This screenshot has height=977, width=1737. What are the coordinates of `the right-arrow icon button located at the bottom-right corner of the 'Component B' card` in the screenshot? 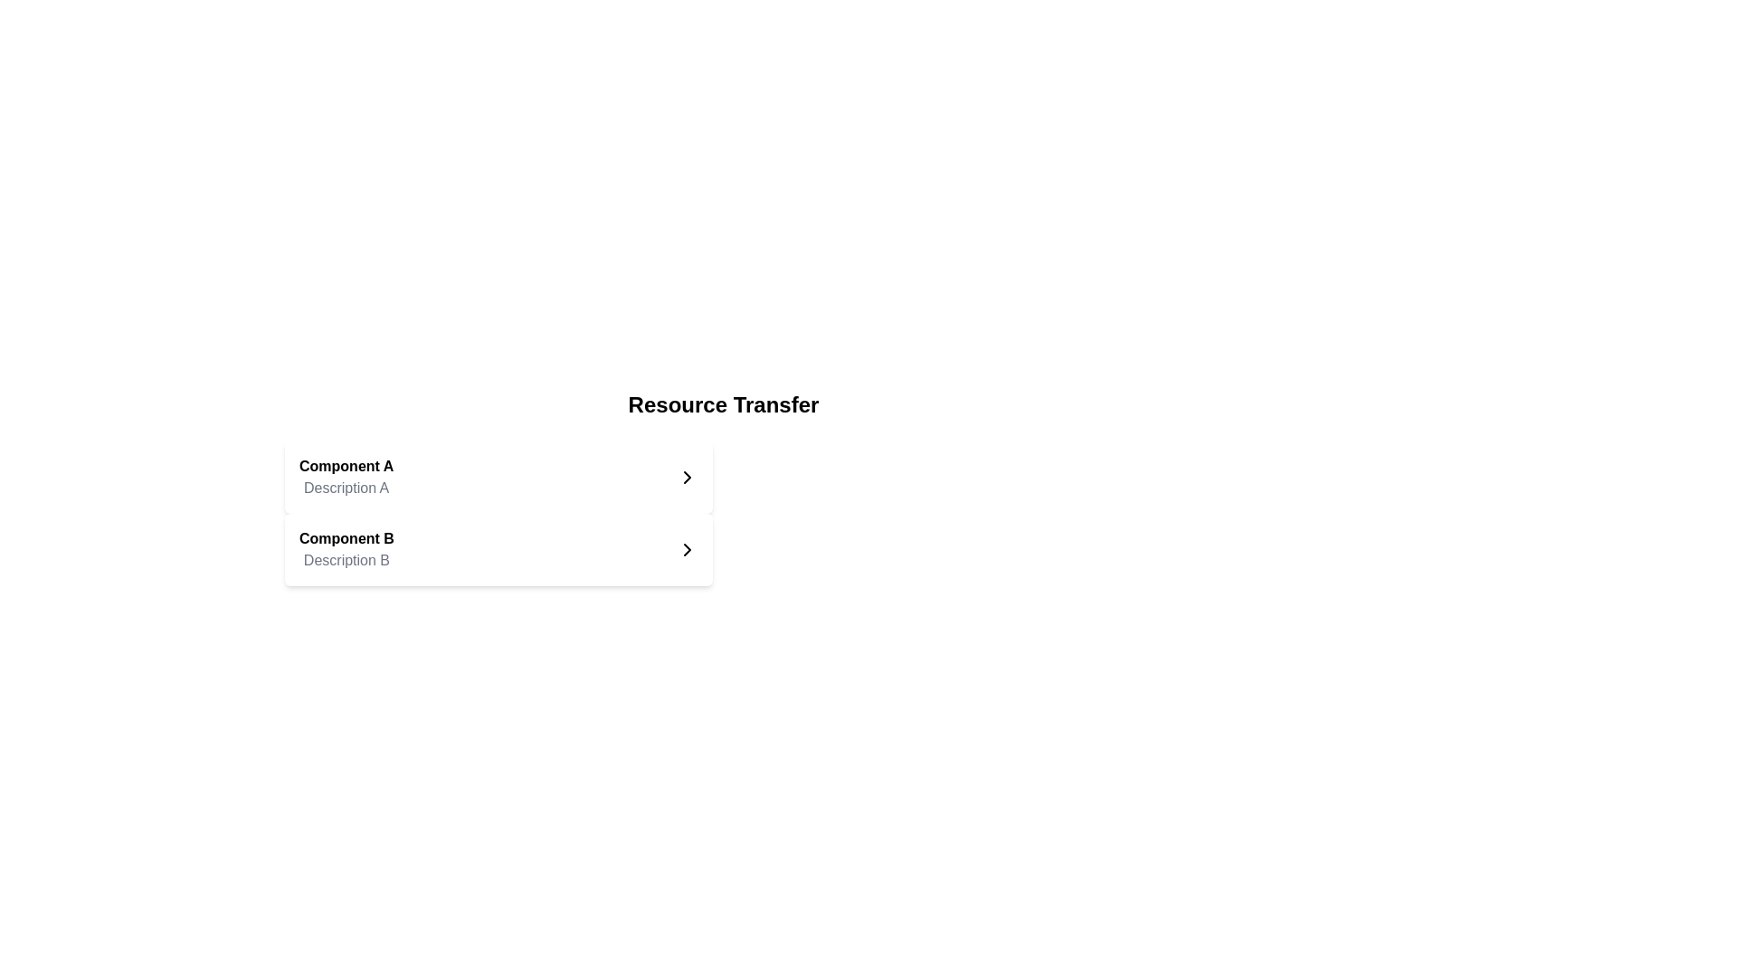 It's located at (686, 549).